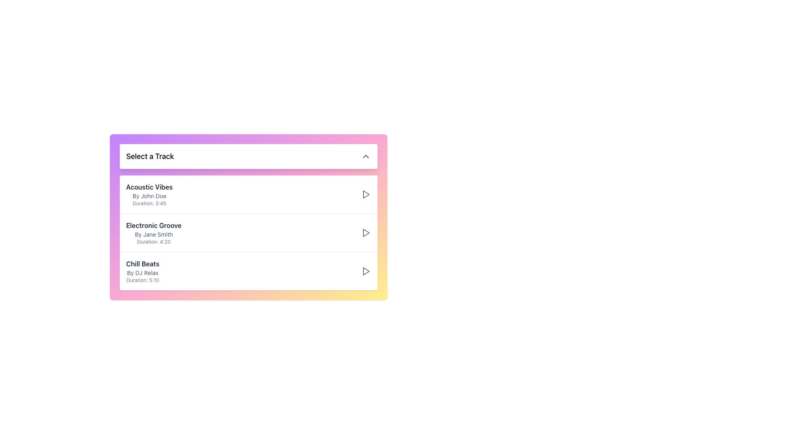 This screenshot has width=793, height=446. What do you see at coordinates (154, 225) in the screenshot?
I see `the text element that displays the track name 'Electronic Groove' by 'Jane Smith' in the track selection interface` at bounding box center [154, 225].